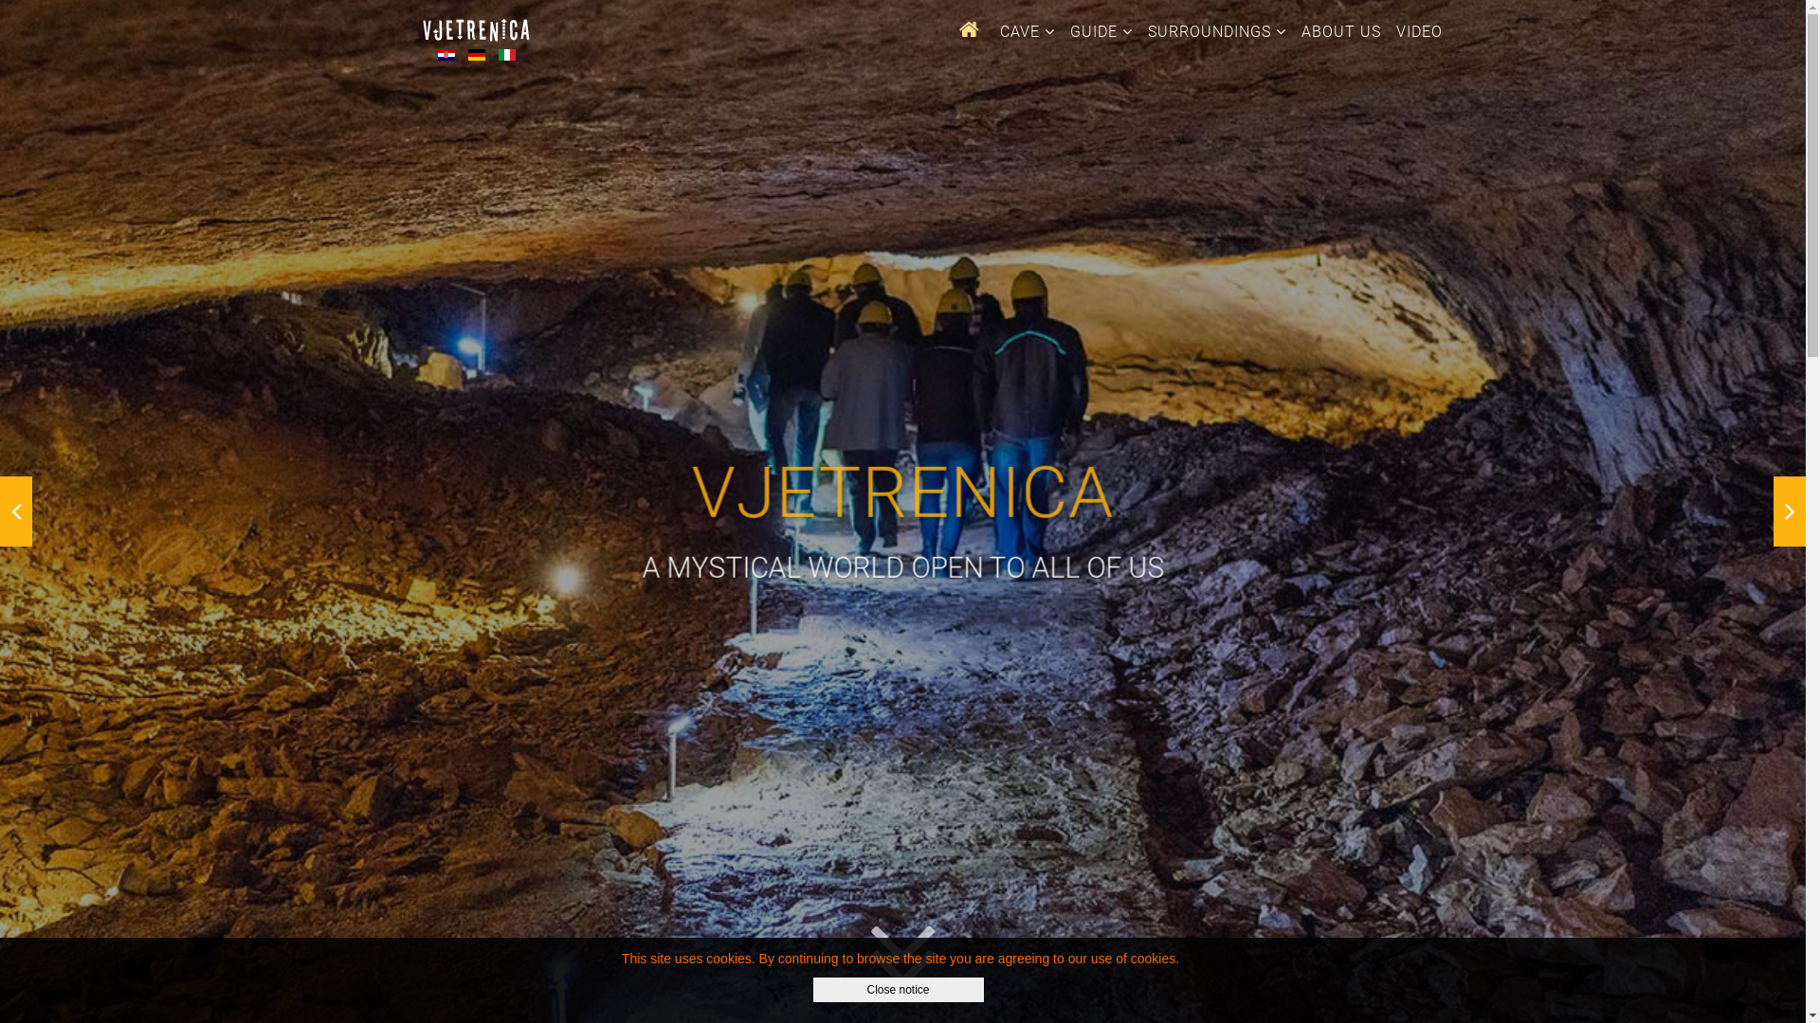 The image size is (1820, 1023). I want to click on 'SURROUNDINGS', so click(1141, 31).